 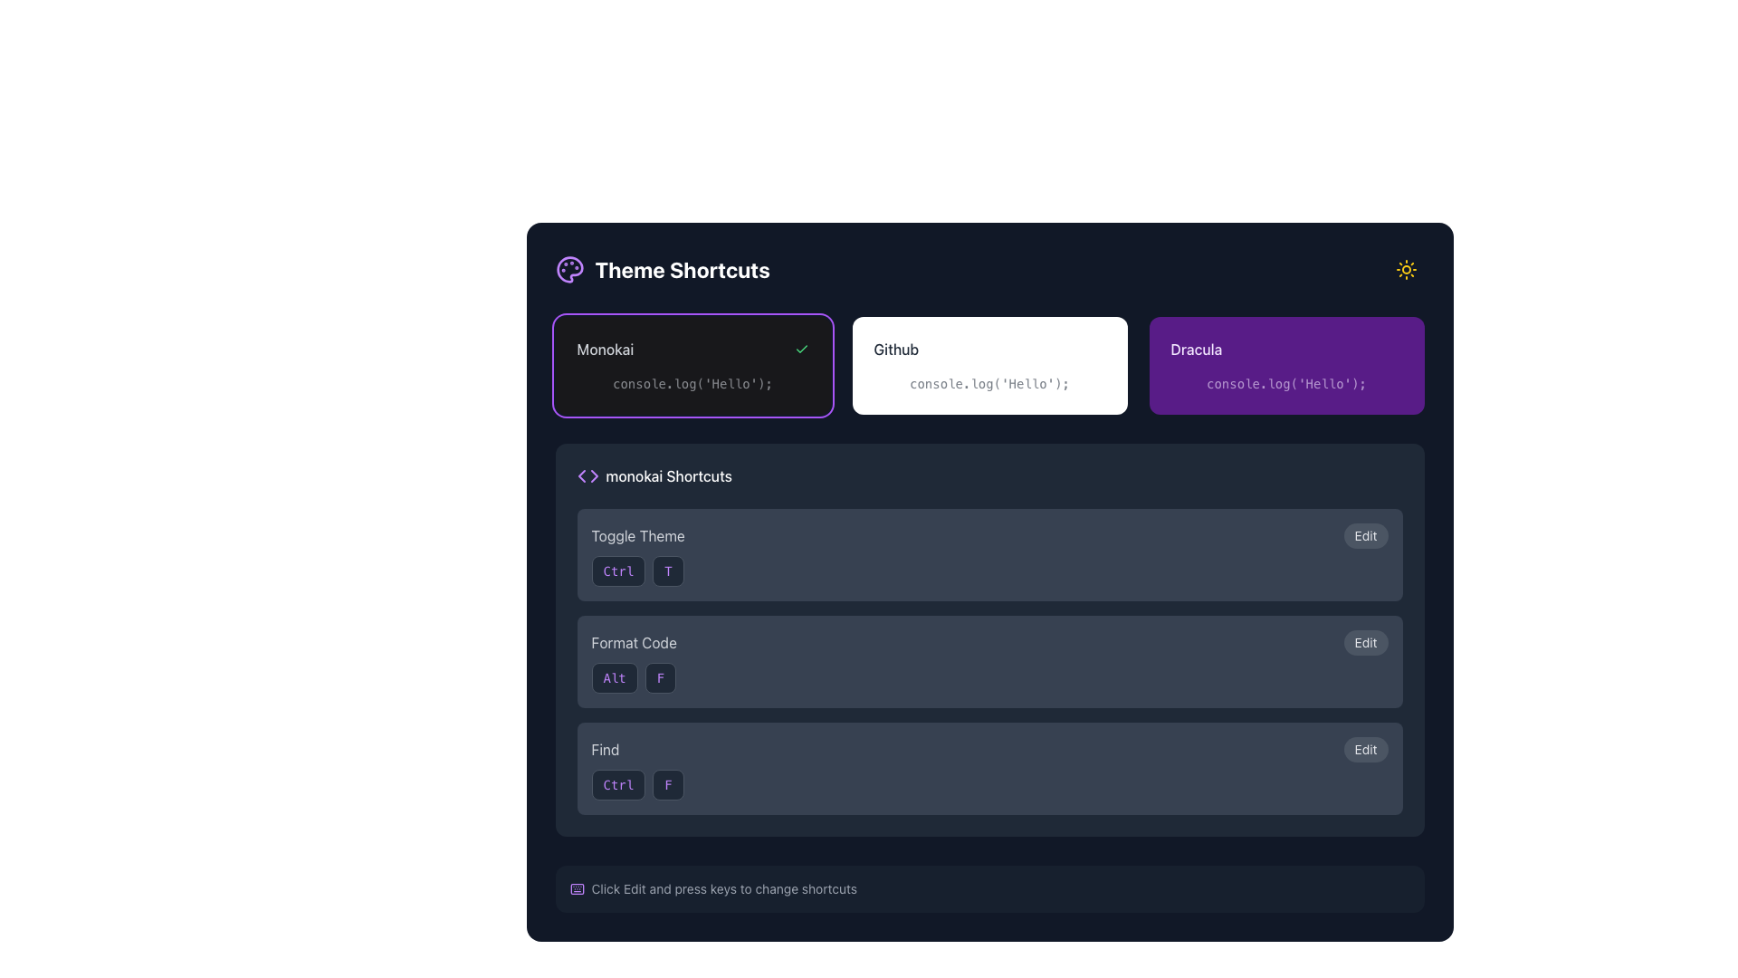 I want to click on the shortcut, so click(x=988, y=750).